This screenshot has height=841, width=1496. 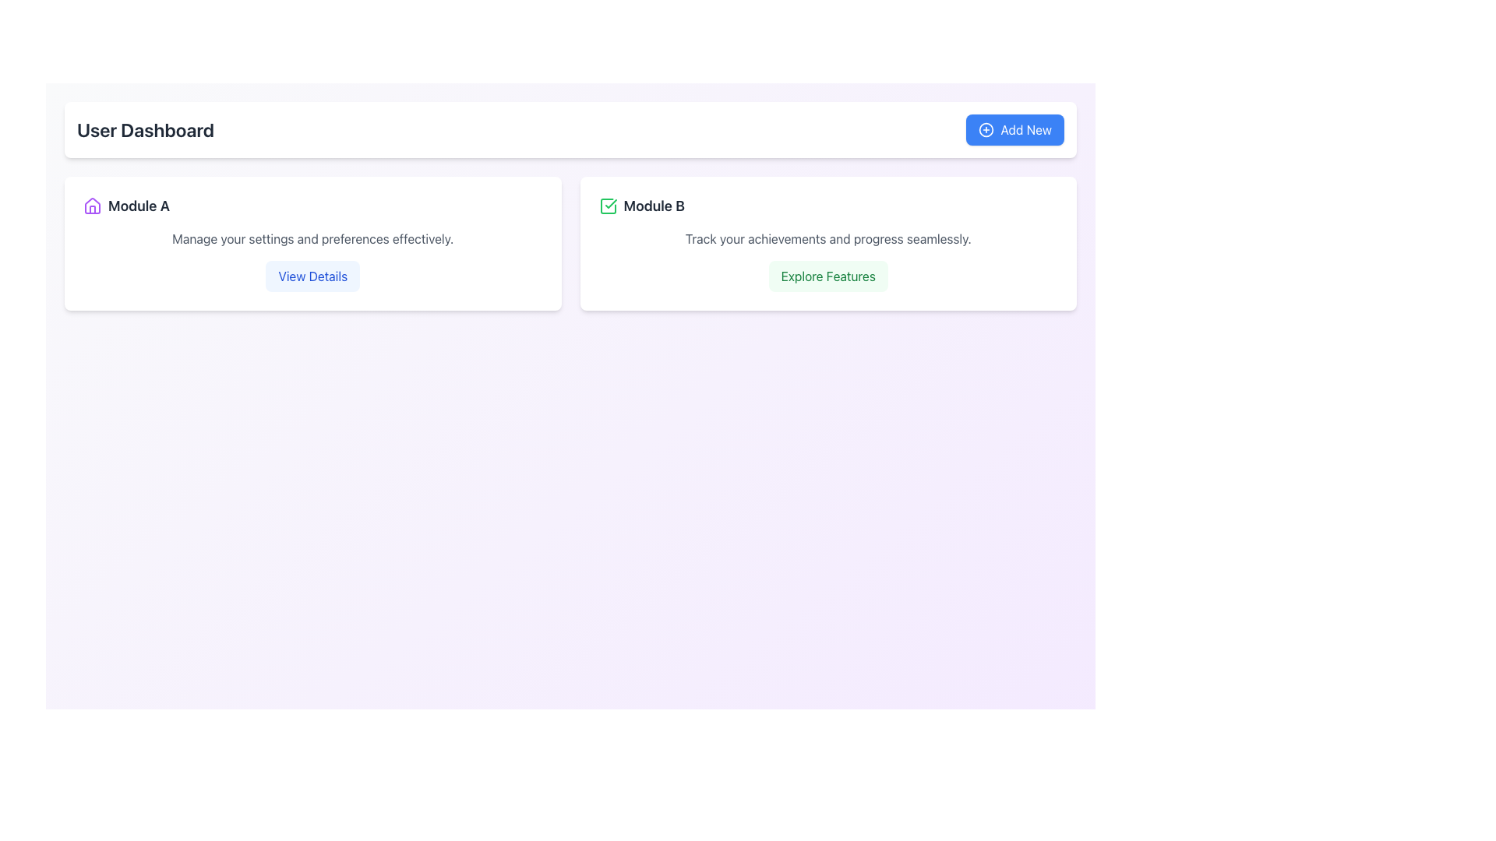 I want to click on the icon indicating the completed or activated state related to 'Module B', positioned to the left of the label 'Module B', so click(x=607, y=206).